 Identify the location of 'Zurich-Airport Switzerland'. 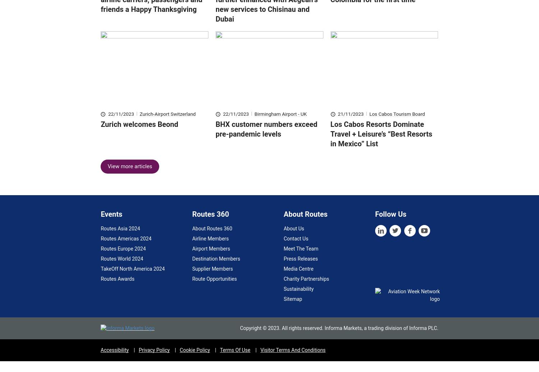
(139, 125).